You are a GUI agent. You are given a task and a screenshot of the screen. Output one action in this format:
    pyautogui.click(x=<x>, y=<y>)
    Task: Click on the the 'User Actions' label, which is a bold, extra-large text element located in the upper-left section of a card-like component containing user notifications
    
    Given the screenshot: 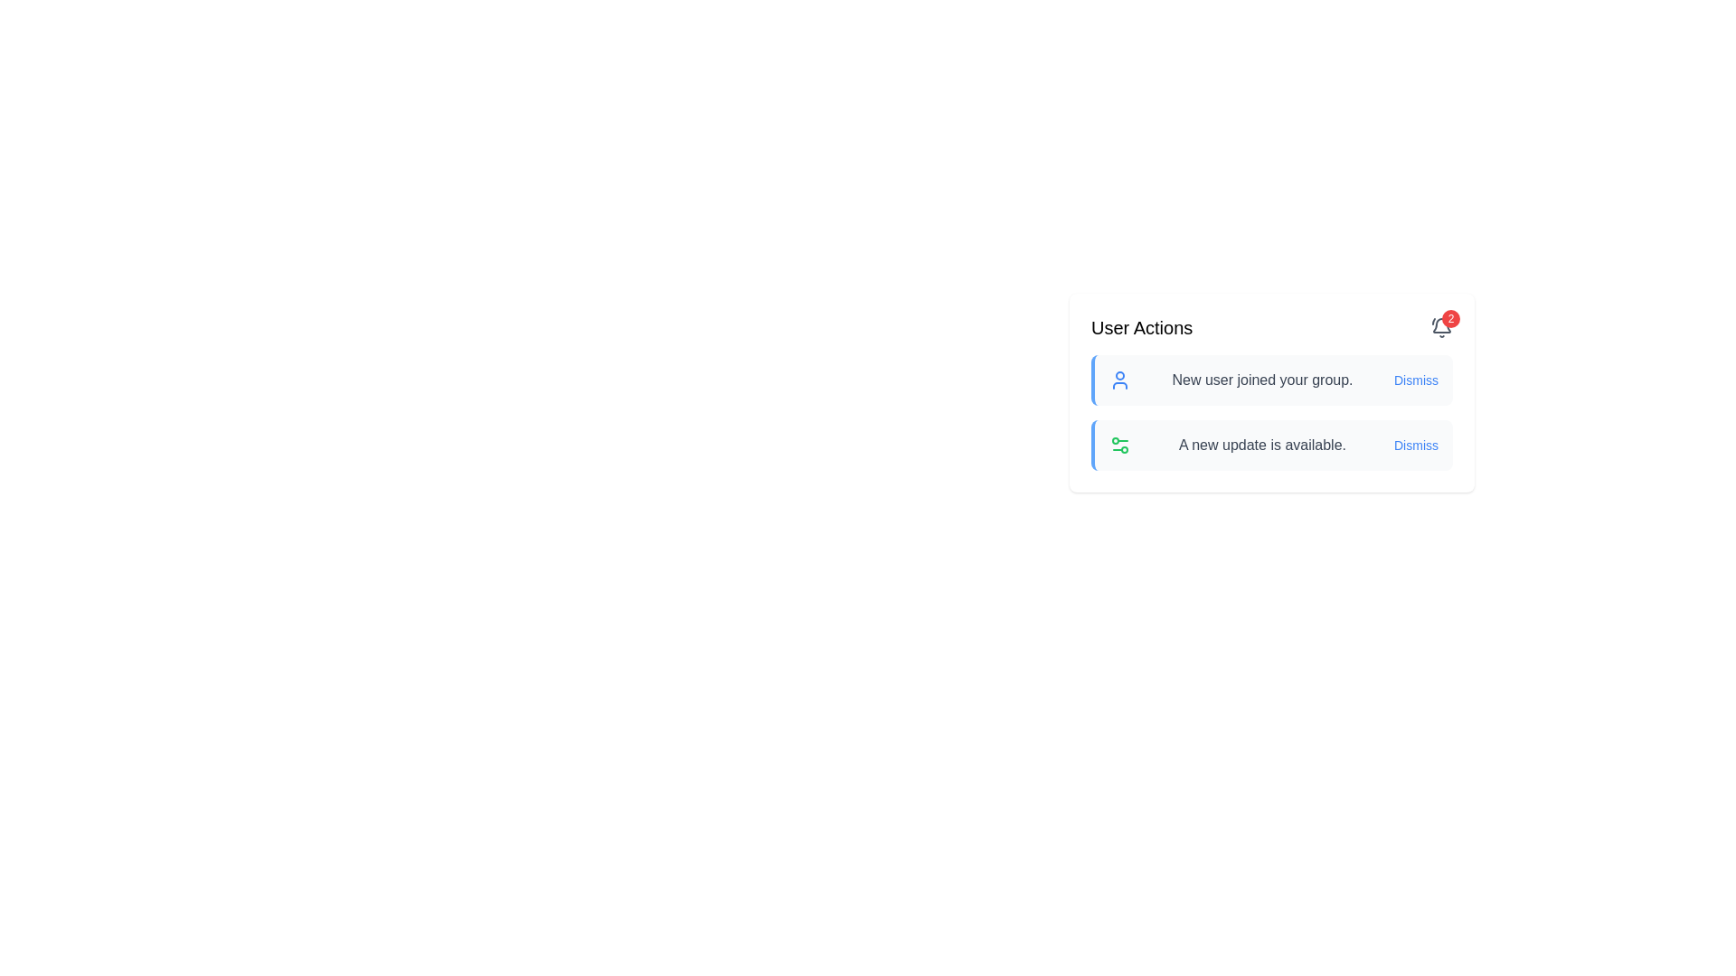 What is the action you would take?
    pyautogui.click(x=1141, y=327)
    